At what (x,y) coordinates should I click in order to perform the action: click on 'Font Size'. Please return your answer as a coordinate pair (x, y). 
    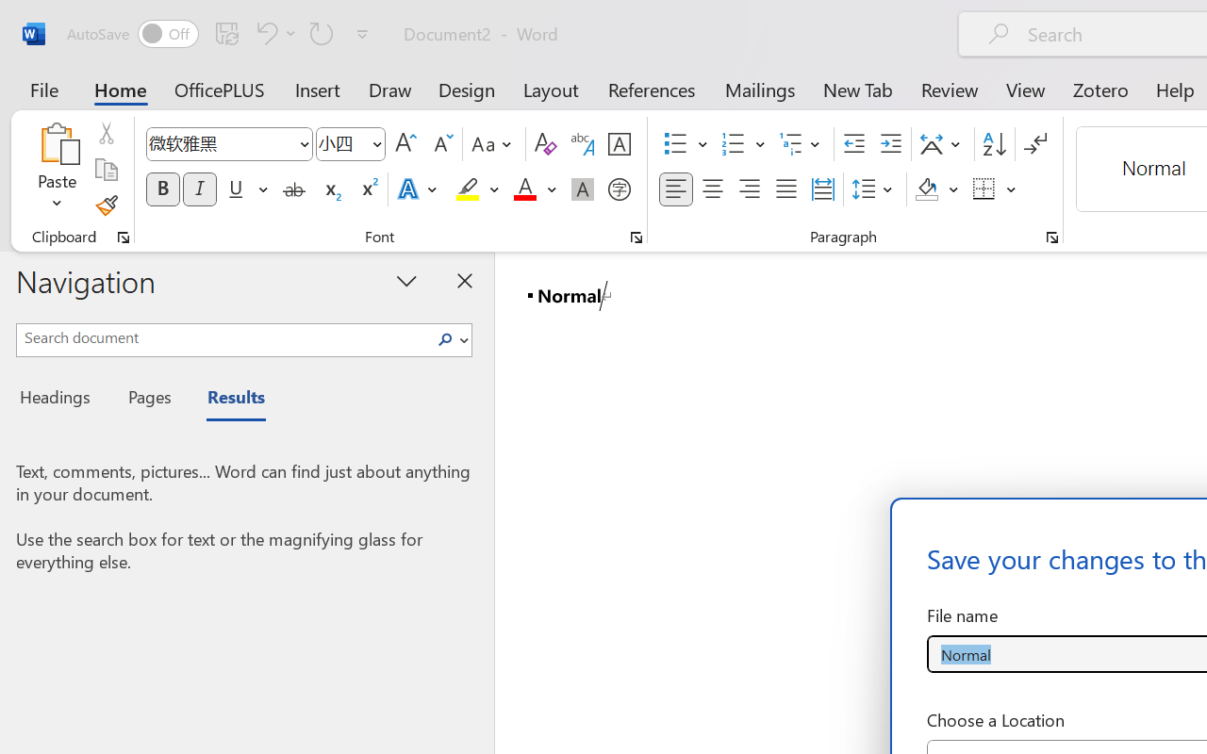
    Looking at the image, I should click on (341, 143).